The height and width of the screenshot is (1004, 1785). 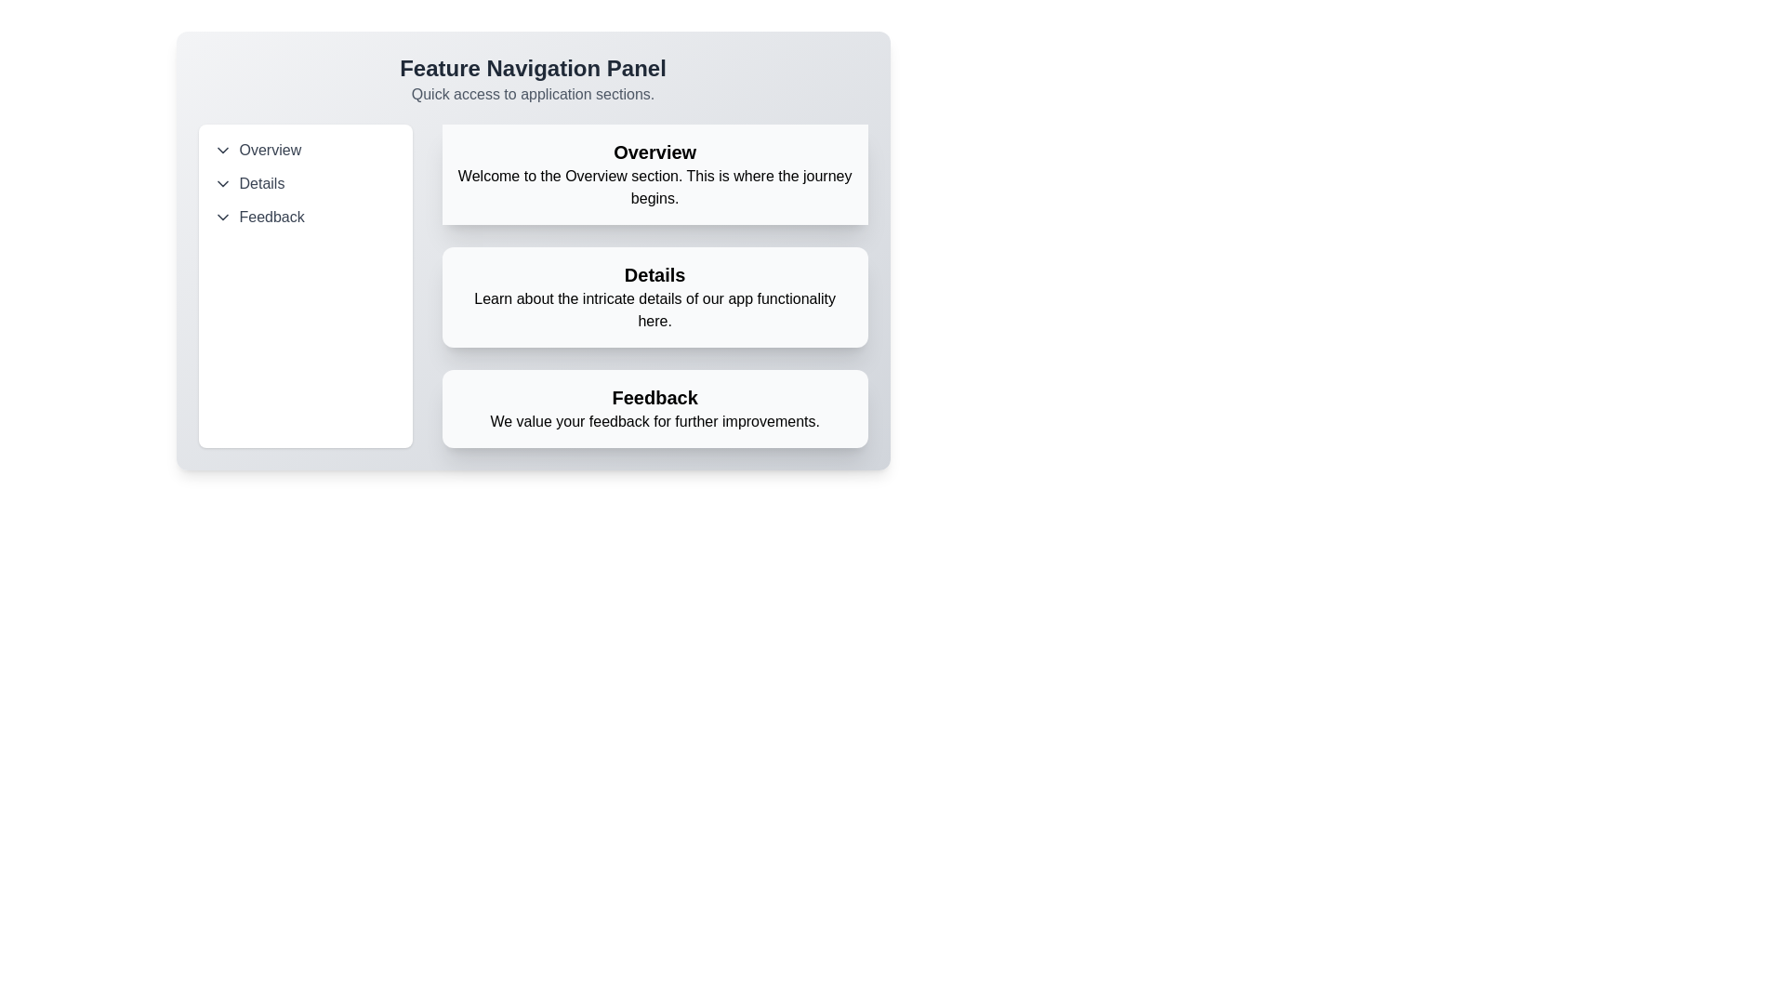 What do you see at coordinates (654, 286) in the screenshot?
I see `text contained in the 'Details' section of the Informational panel, which features a white background and rounded corners, positioned between 'Overview' and 'Feedback'` at bounding box center [654, 286].